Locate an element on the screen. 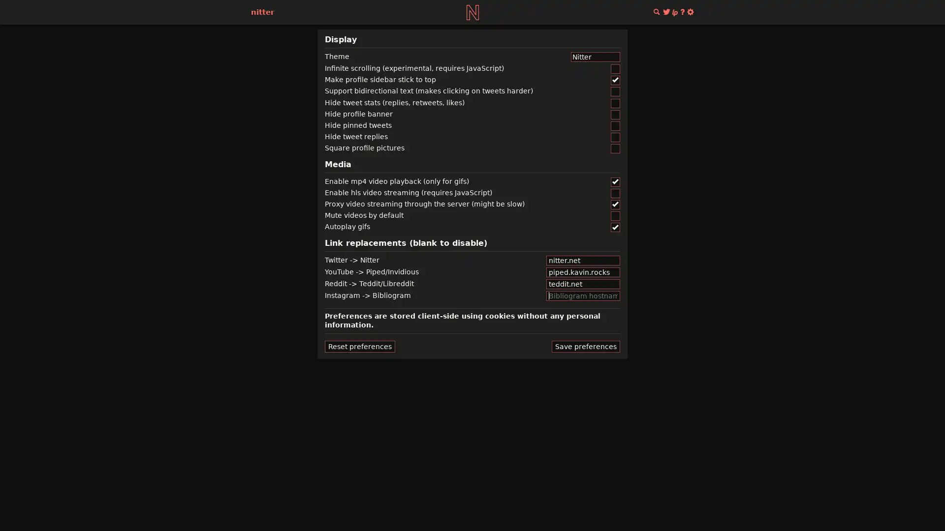 Image resolution: width=945 pixels, height=531 pixels. Reset preferences is located at coordinates (359, 346).